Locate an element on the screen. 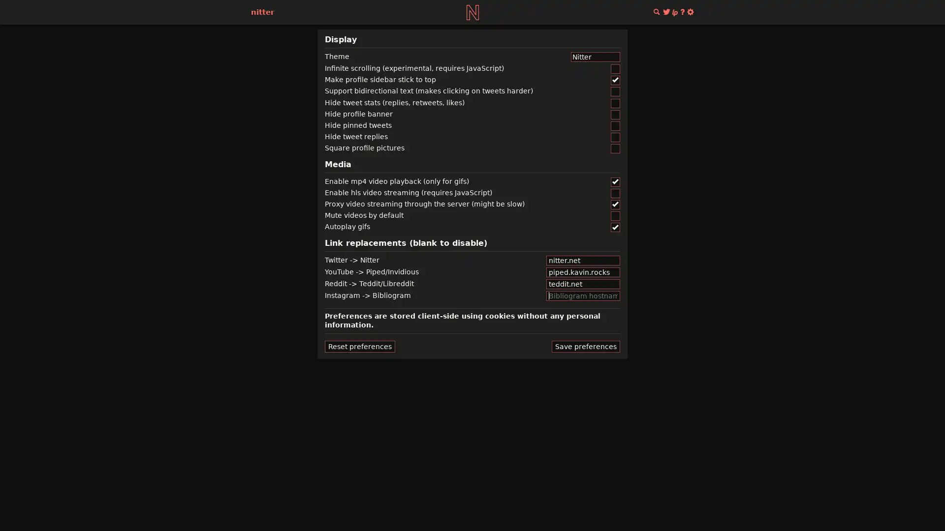 Image resolution: width=945 pixels, height=531 pixels. Reset preferences is located at coordinates (359, 346).